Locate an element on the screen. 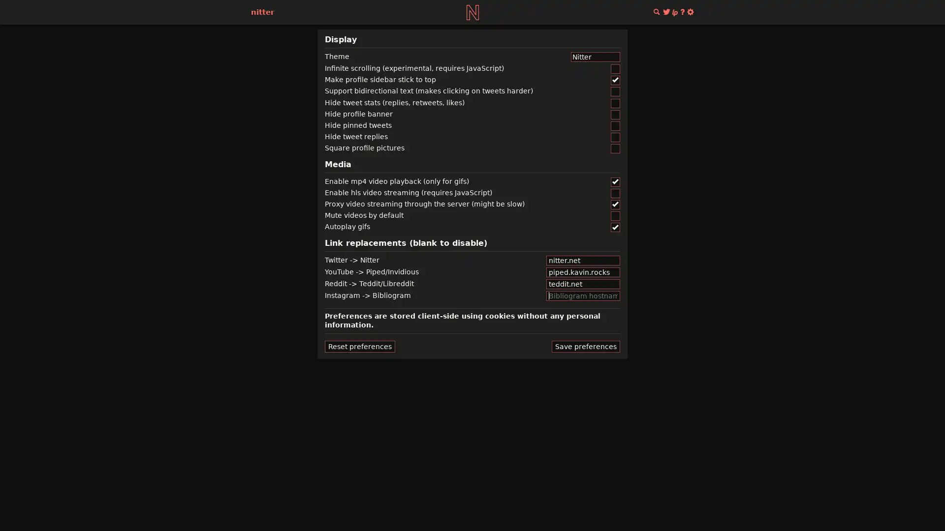 Image resolution: width=945 pixels, height=531 pixels. Reset preferences is located at coordinates (359, 346).